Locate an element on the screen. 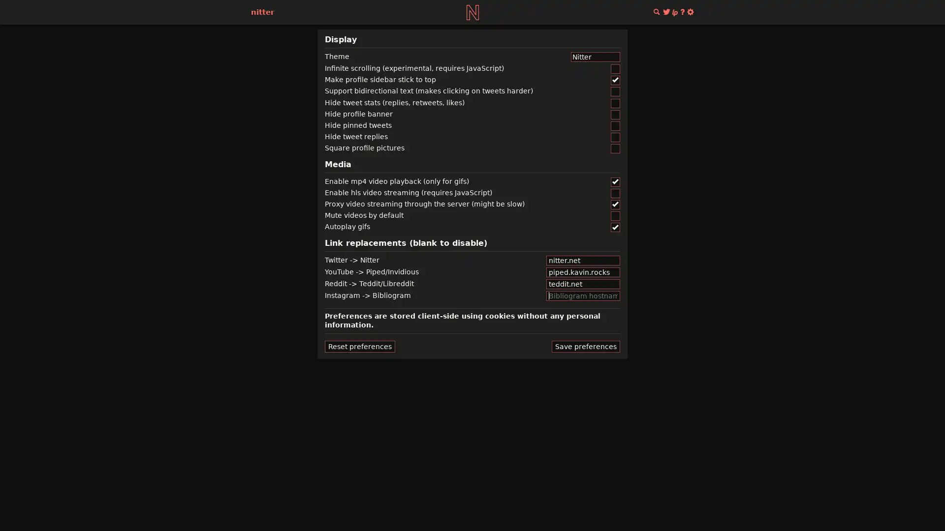 Image resolution: width=945 pixels, height=531 pixels. Reset preferences is located at coordinates (359, 346).